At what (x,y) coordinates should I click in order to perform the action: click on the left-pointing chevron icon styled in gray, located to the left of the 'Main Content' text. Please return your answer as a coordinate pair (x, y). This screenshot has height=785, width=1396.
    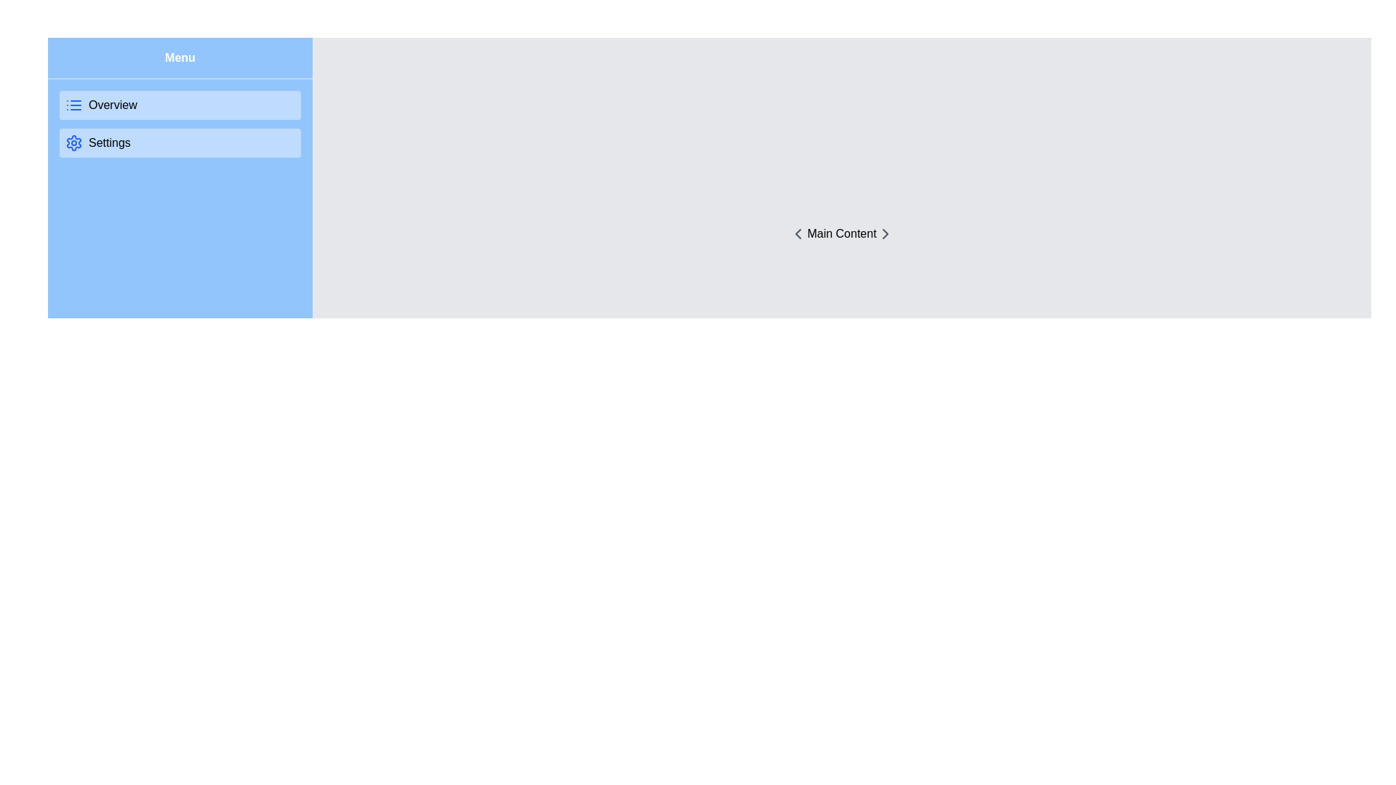
    Looking at the image, I should click on (798, 233).